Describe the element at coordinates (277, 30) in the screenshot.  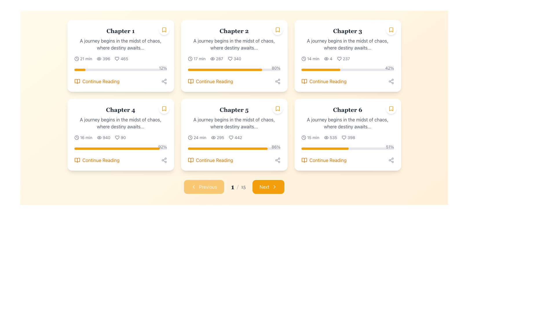
I see `the small red bookmark icon located at the top-right corner of the 'Chapter 2' card` at that location.